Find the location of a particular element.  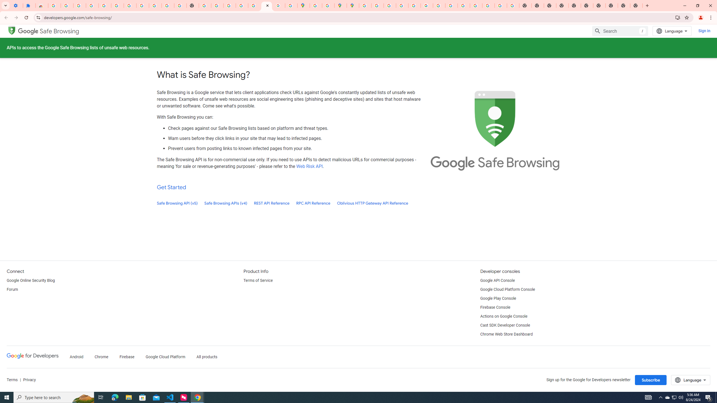

'Google Safe Browsing' is located at coordinates (11, 30).